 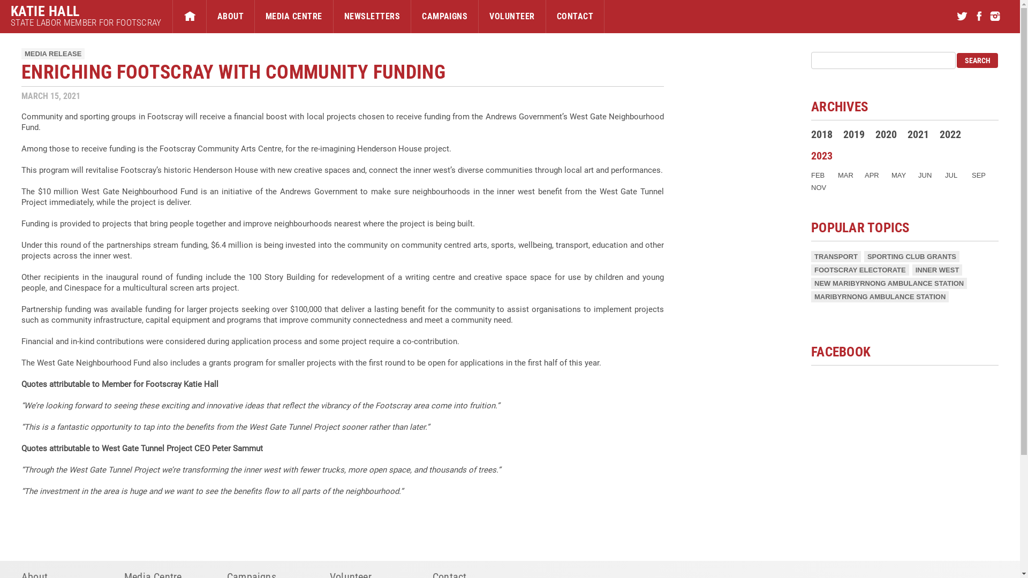 I want to click on '2018', so click(x=821, y=133).